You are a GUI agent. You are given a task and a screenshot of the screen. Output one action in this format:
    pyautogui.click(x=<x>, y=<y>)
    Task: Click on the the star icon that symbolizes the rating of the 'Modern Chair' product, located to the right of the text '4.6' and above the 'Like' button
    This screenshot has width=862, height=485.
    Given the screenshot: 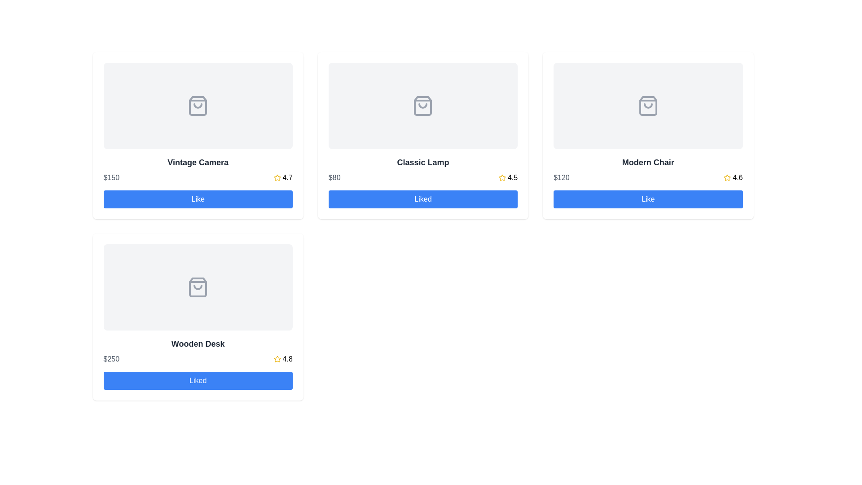 What is the action you would take?
    pyautogui.click(x=727, y=177)
    